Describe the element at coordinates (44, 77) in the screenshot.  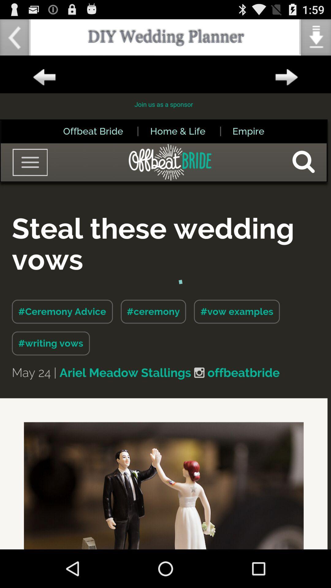
I see `previous` at that location.